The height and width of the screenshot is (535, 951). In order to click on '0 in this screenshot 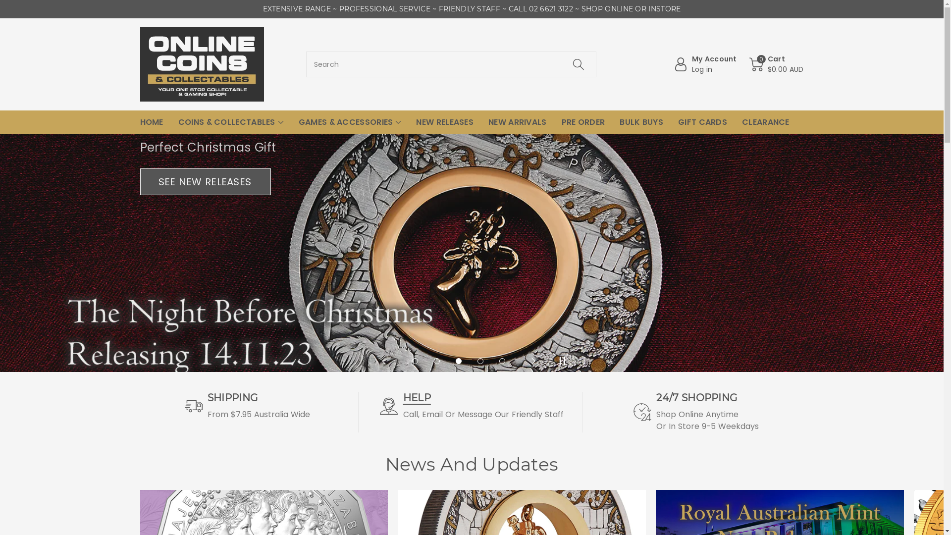, I will do `click(776, 64)`.